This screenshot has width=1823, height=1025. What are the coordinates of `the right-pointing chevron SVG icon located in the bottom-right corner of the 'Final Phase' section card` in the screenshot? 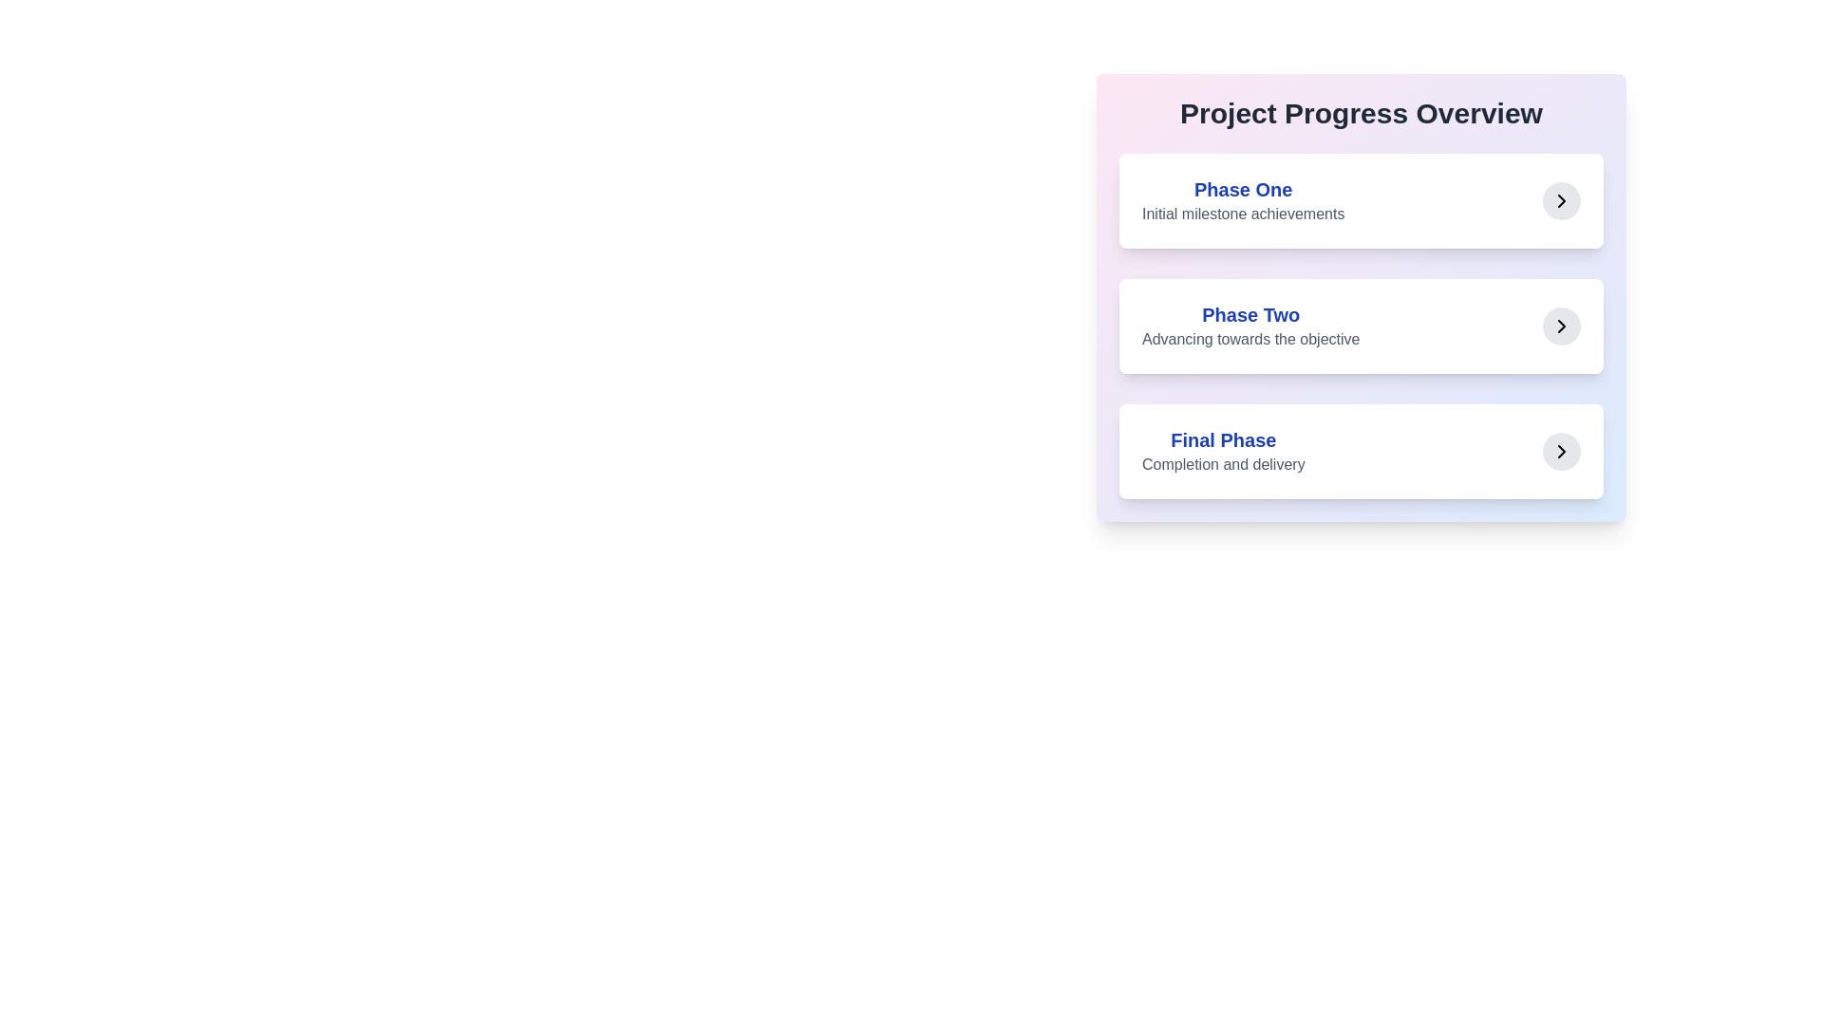 It's located at (1562, 451).